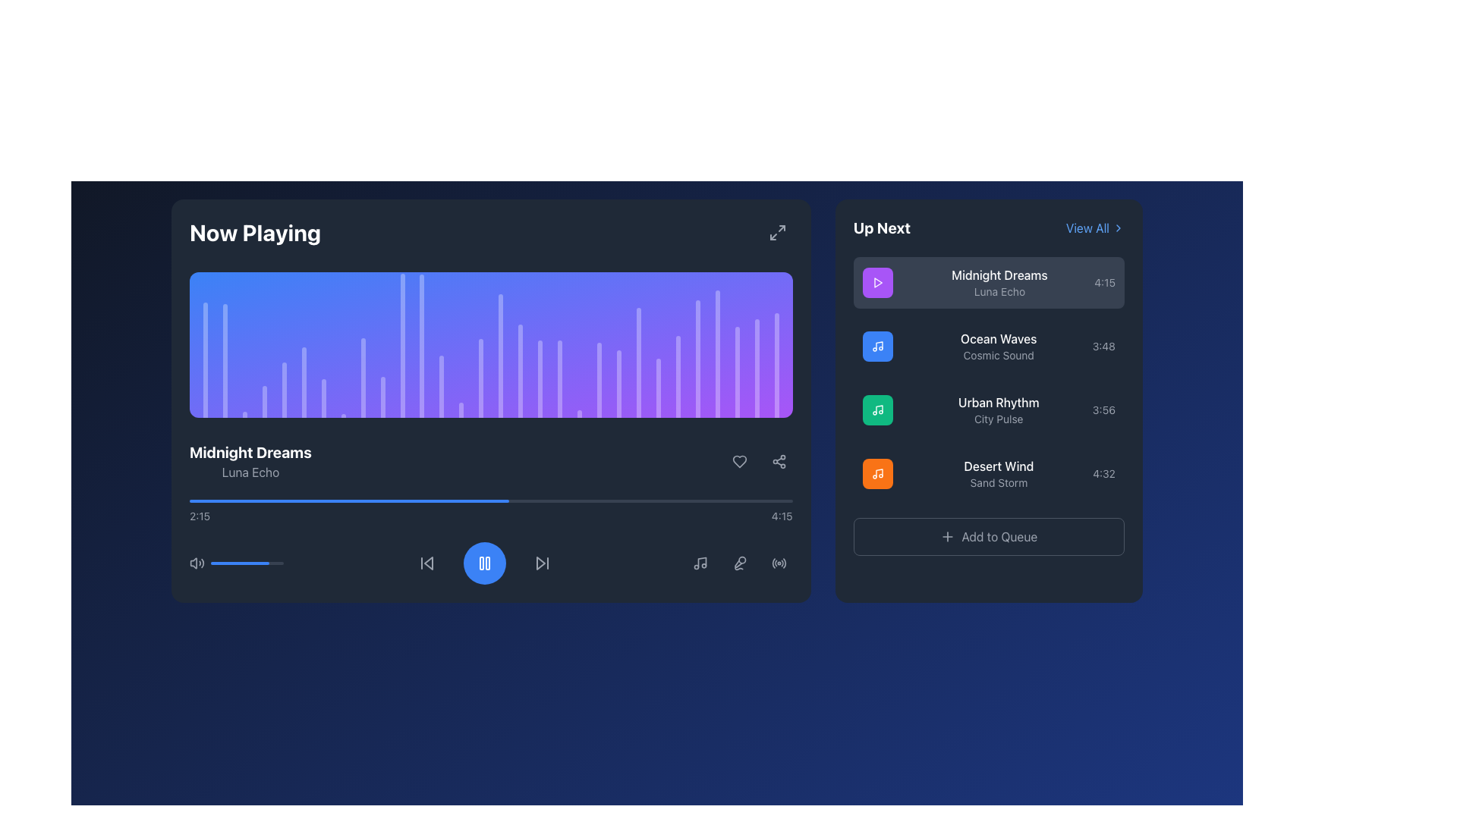 The width and height of the screenshot is (1457, 819). I want to click on the volume, so click(243, 563).